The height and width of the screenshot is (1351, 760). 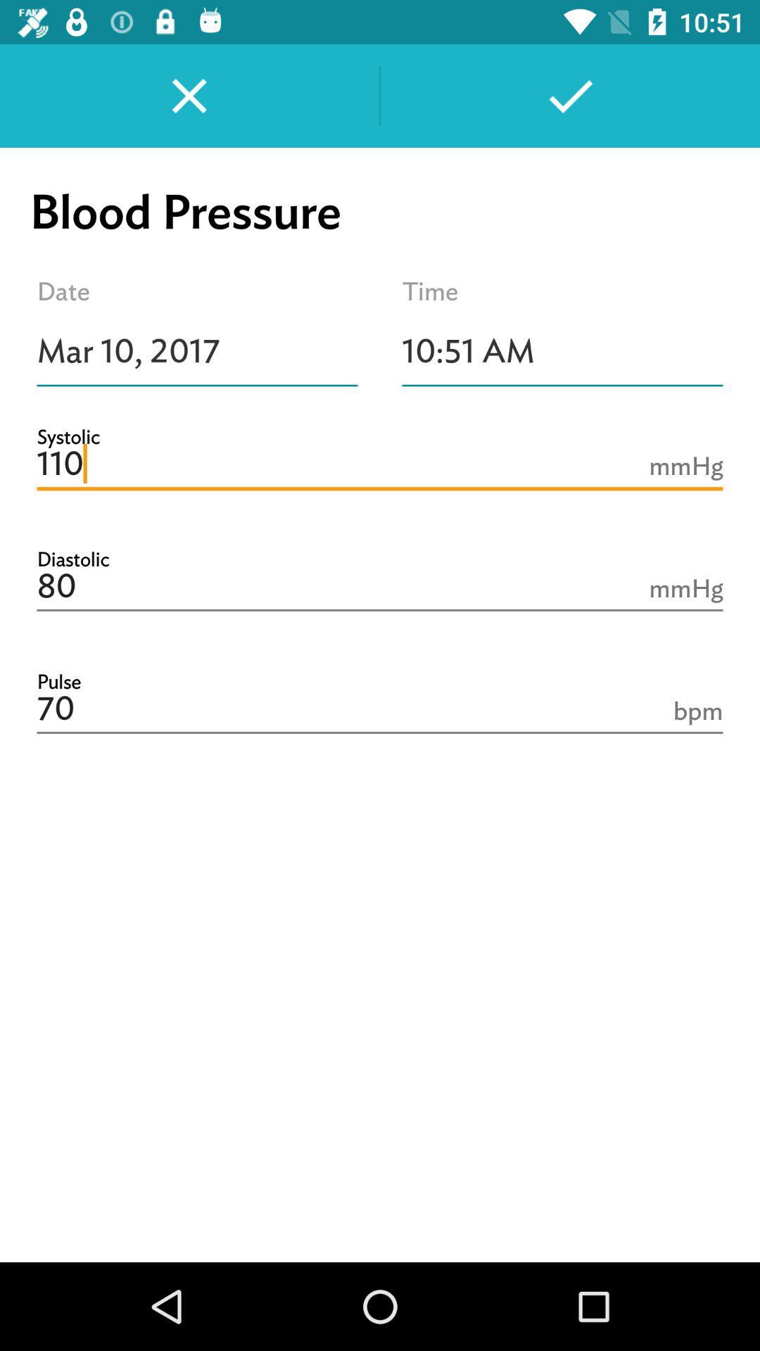 I want to click on the item next to the 10:51 am item, so click(x=197, y=351).